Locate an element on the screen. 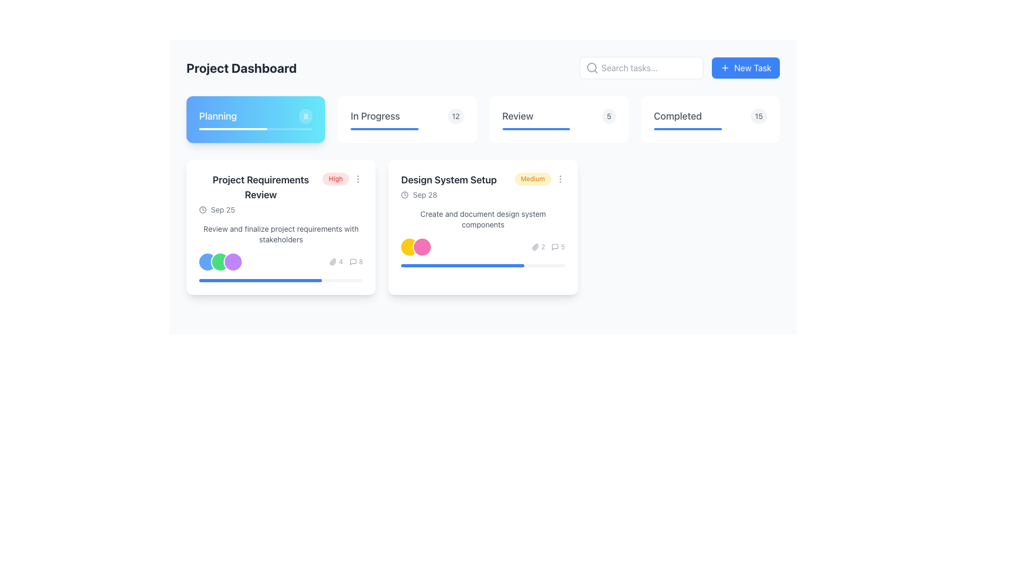  Progress Bar Indicator located in the 'Planning' section of the dashboard, which is a thin horizontal bar with a white background and rounded edges, representing a partially filled state is located at coordinates (232, 129).